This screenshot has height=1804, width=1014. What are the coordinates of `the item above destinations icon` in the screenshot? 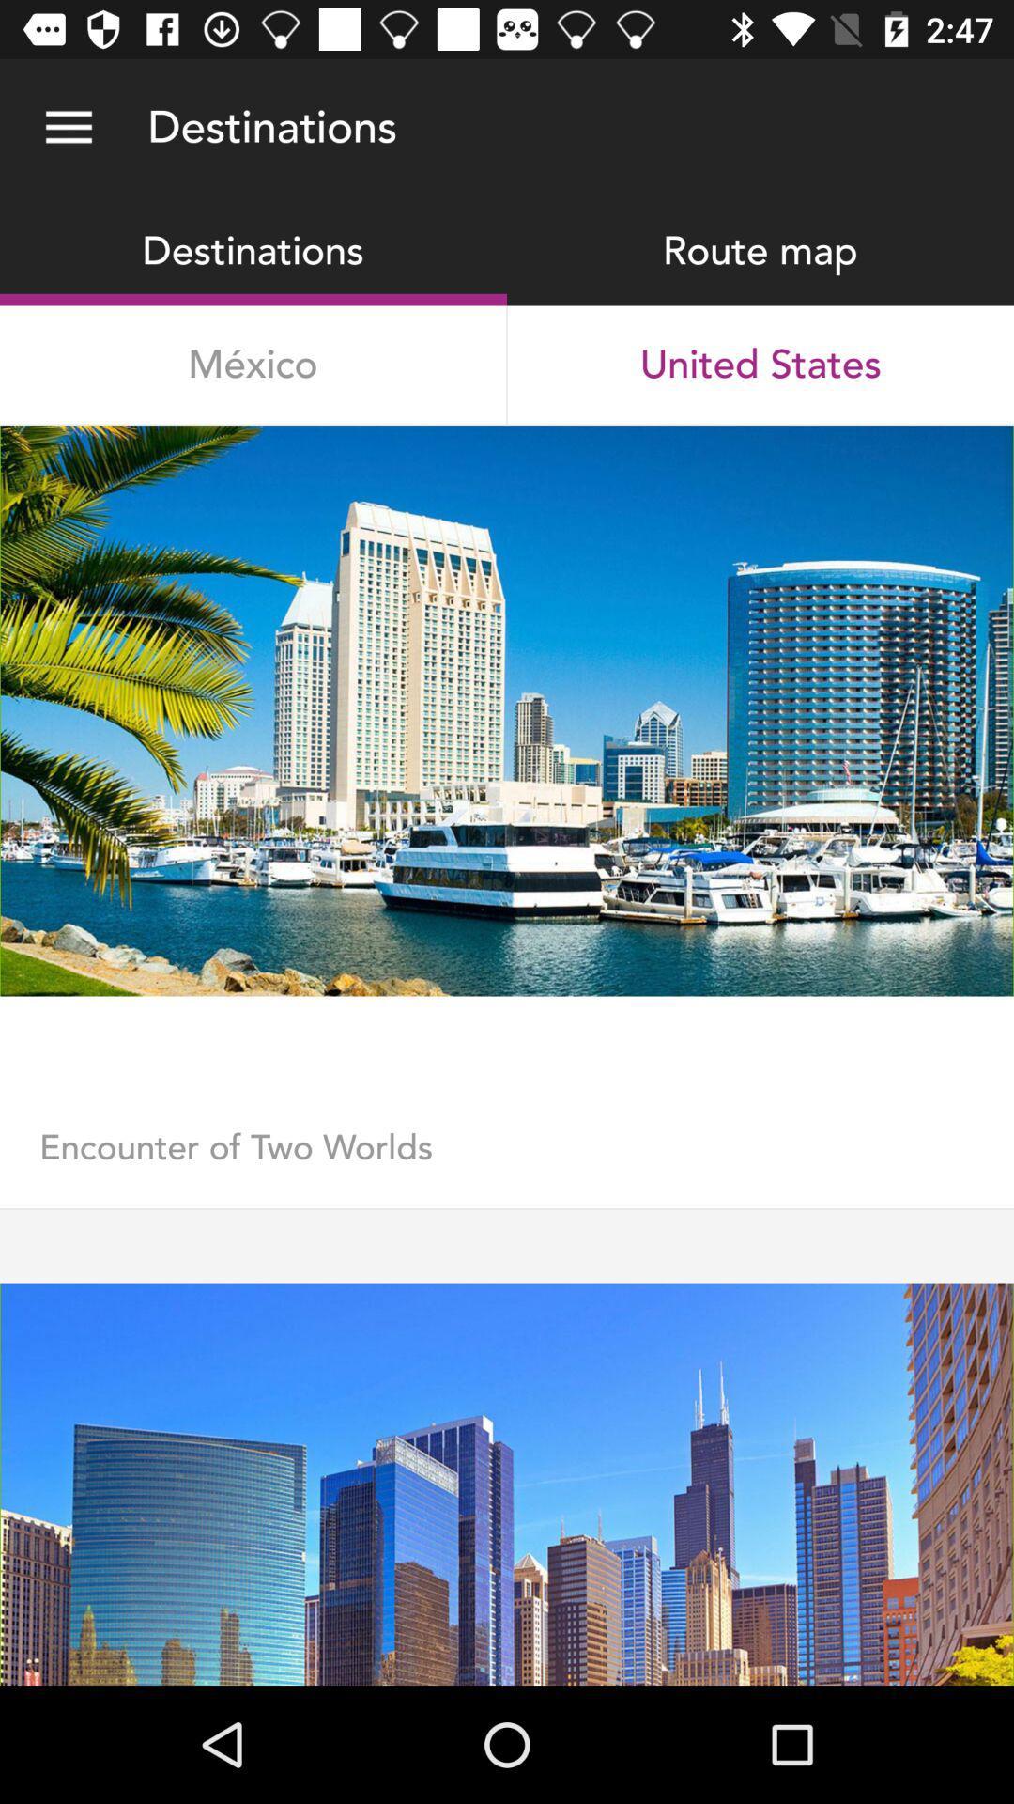 It's located at (68, 127).